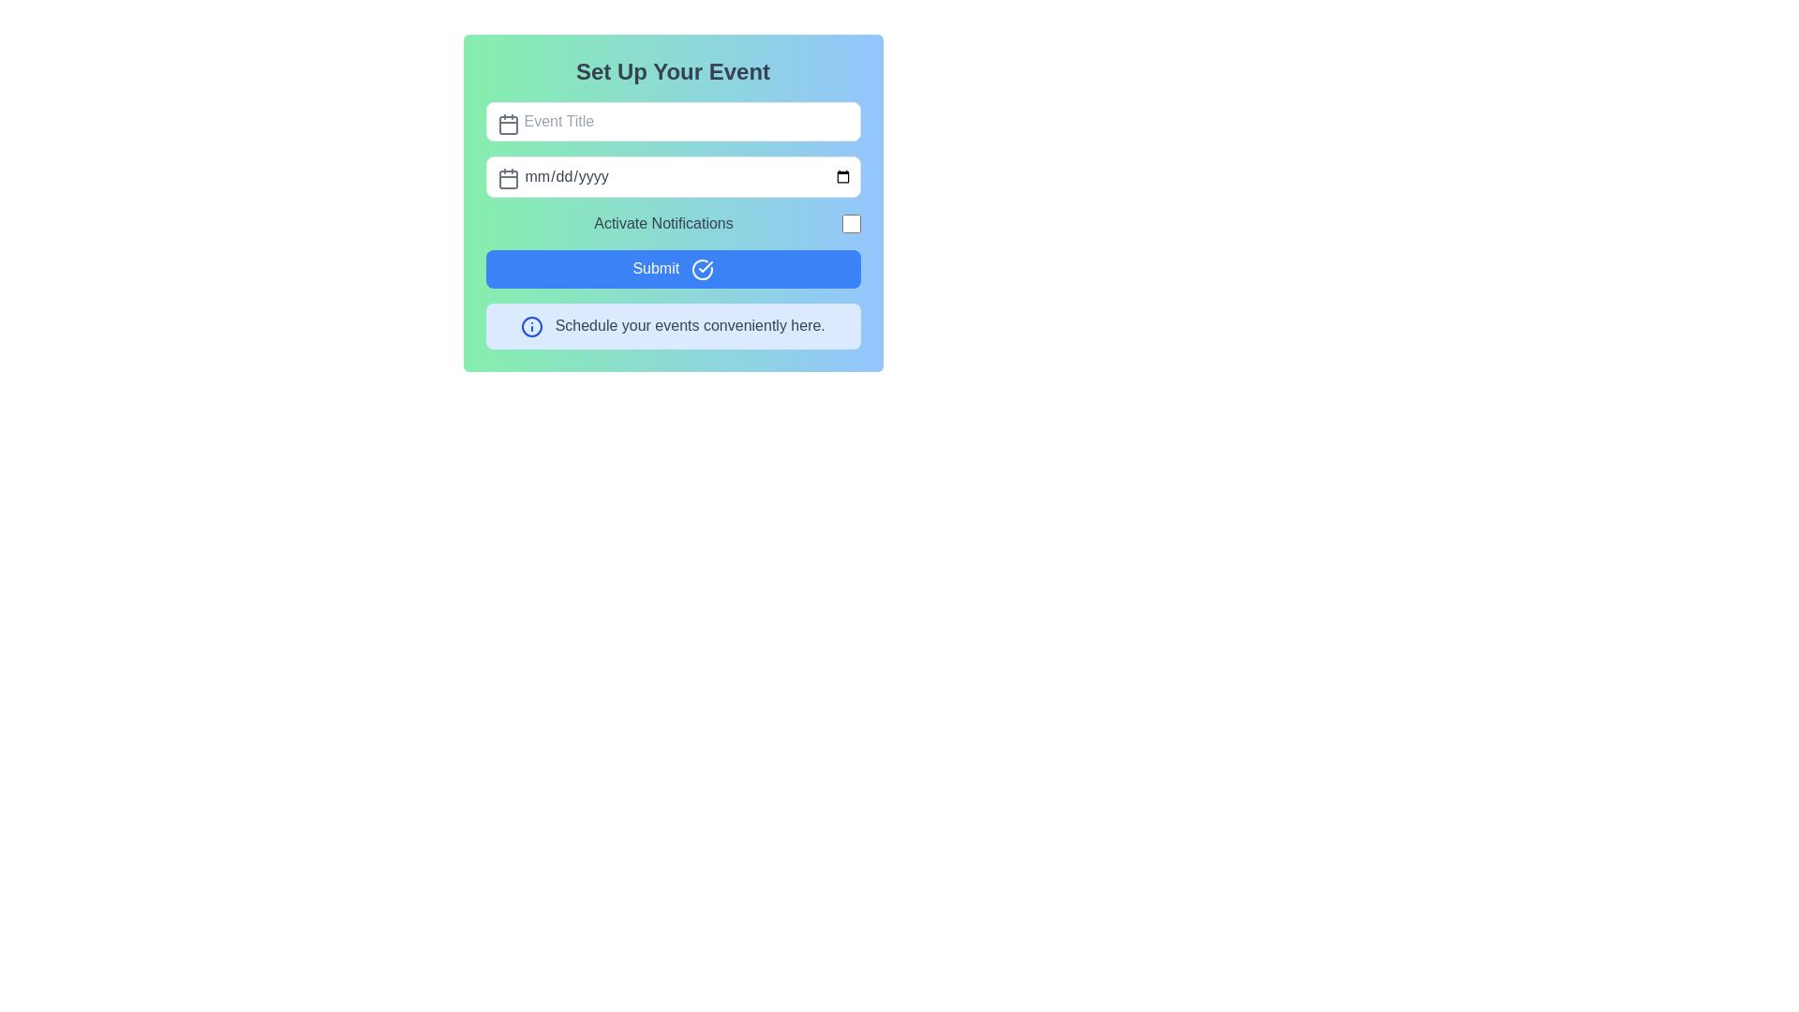  I want to click on the checkbox for 'Activate Notifications', so click(850, 223).